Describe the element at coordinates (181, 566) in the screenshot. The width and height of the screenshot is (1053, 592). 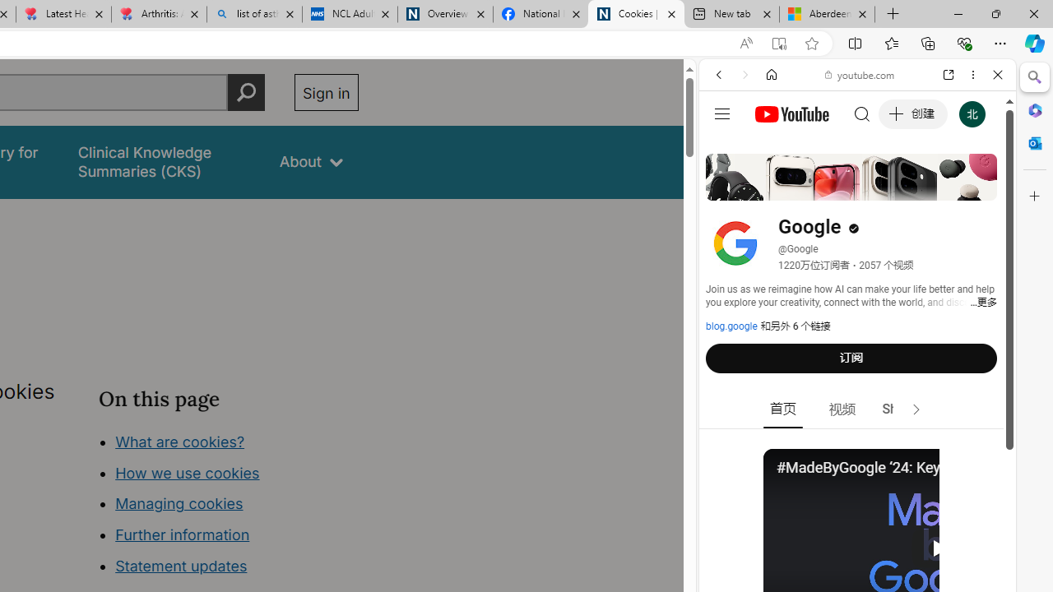
I see `'Statement updates'` at that location.